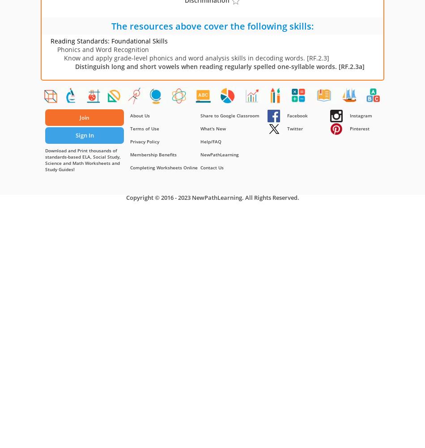 The width and height of the screenshot is (425, 448). What do you see at coordinates (163, 167) in the screenshot?
I see `'Completing Worksheets Online'` at bounding box center [163, 167].